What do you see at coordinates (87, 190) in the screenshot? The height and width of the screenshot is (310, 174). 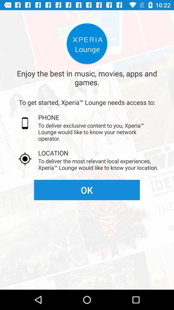 I see `item below the to deliver the` at bounding box center [87, 190].